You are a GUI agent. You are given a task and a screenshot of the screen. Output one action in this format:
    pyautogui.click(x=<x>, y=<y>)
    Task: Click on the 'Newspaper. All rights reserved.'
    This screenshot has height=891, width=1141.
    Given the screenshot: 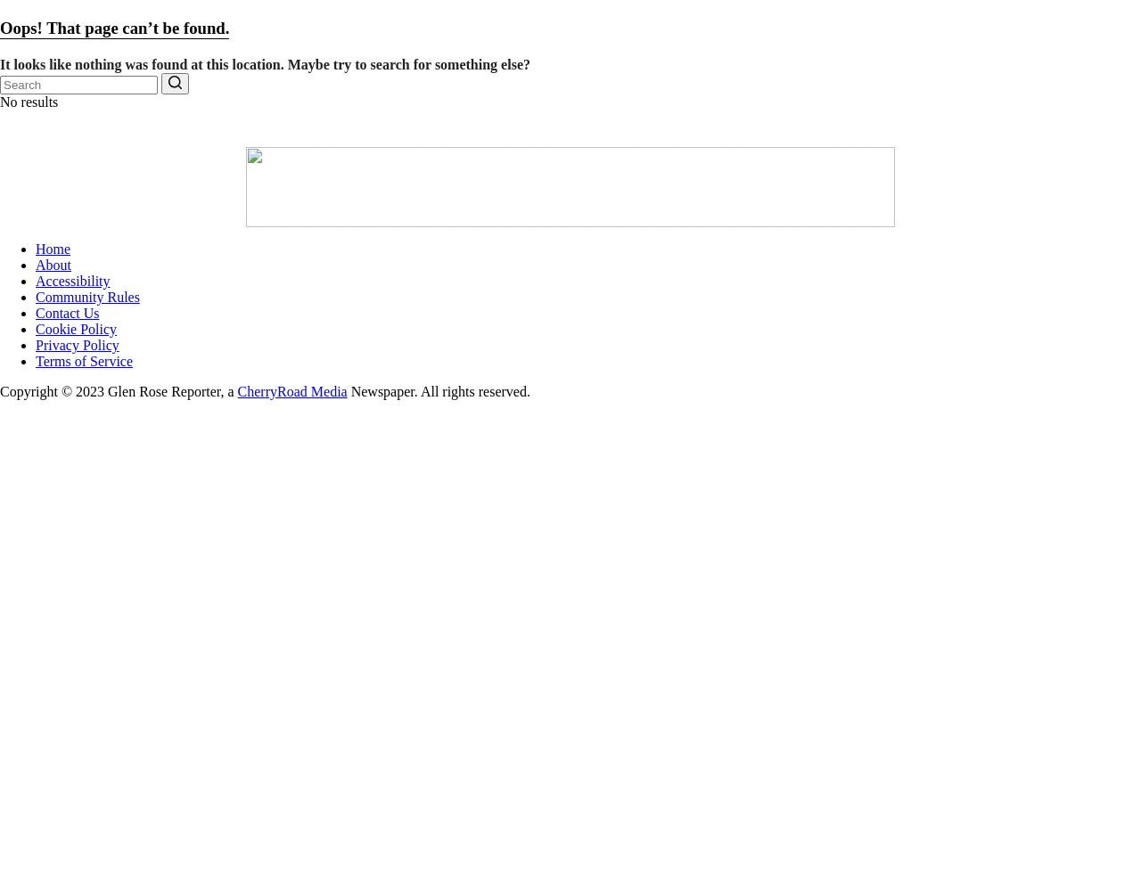 What is the action you would take?
    pyautogui.click(x=438, y=390)
    